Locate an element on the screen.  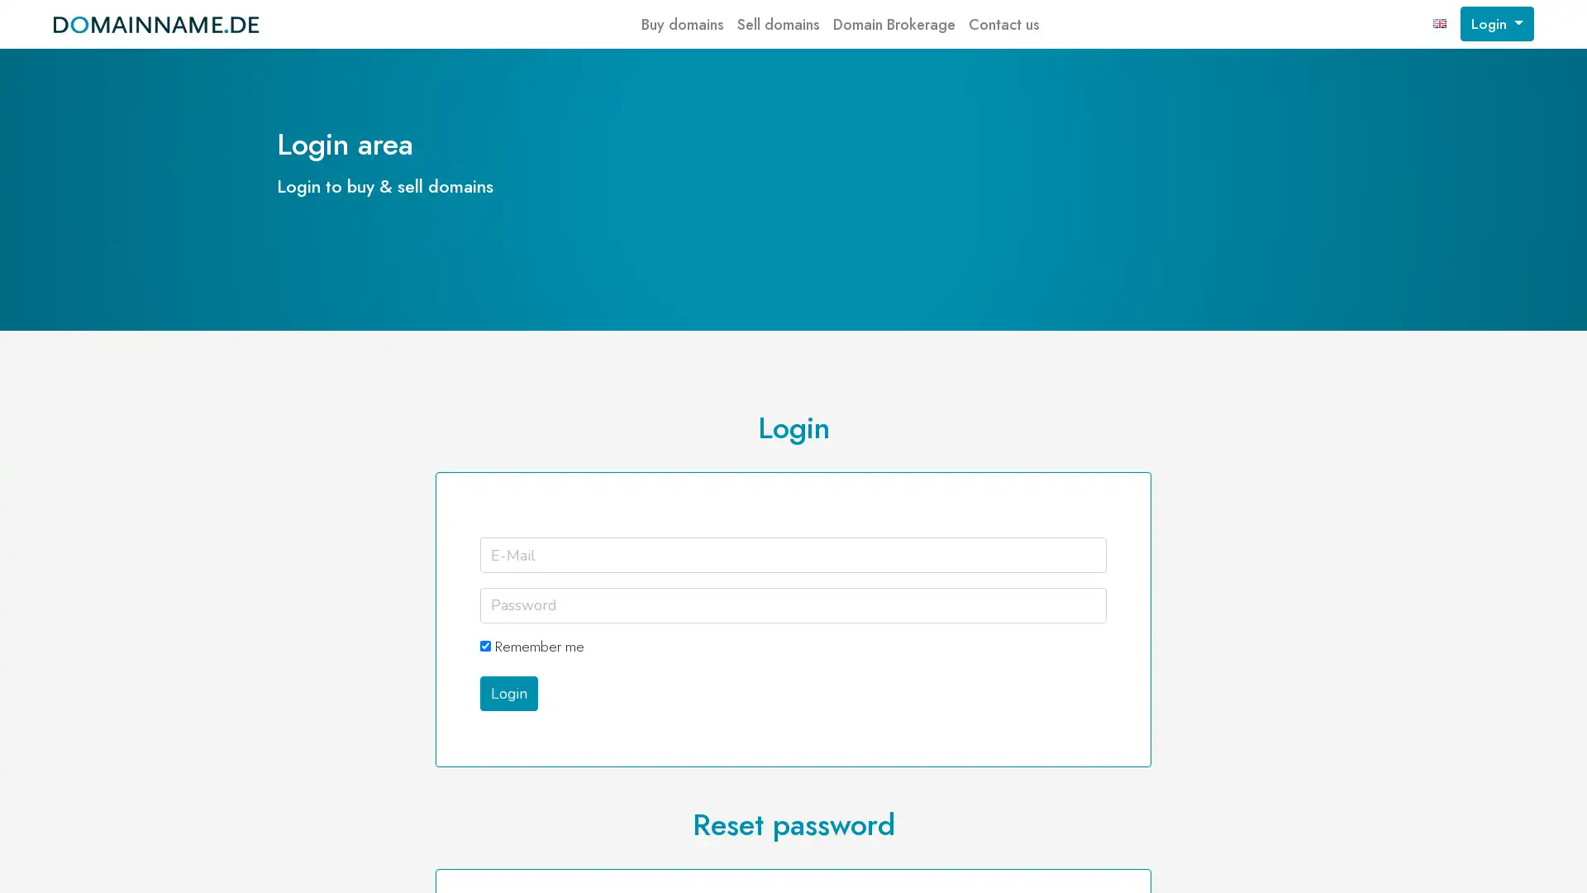
Login is located at coordinates (507, 692).